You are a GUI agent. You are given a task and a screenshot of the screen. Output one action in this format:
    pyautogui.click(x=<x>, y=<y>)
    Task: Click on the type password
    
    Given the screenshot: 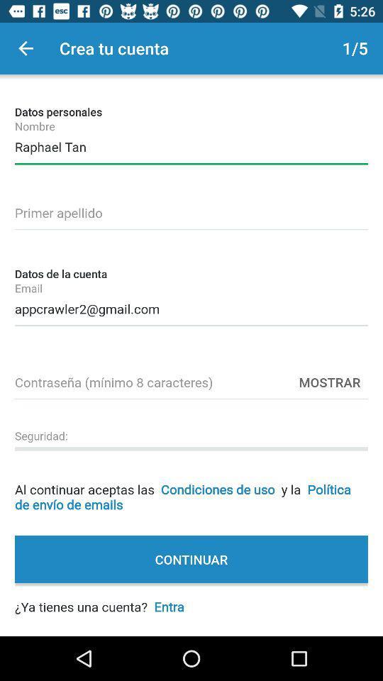 What is the action you would take?
    pyautogui.click(x=191, y=380)
    